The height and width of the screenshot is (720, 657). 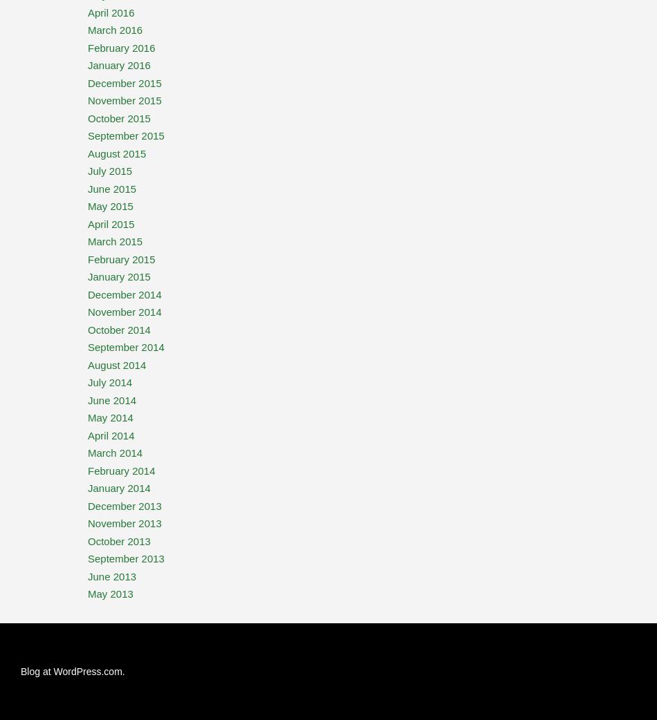 What do you see at coordinates (119, 487) in the screenshot?
I see `'January 2014'` at bounding box center [119, 487].